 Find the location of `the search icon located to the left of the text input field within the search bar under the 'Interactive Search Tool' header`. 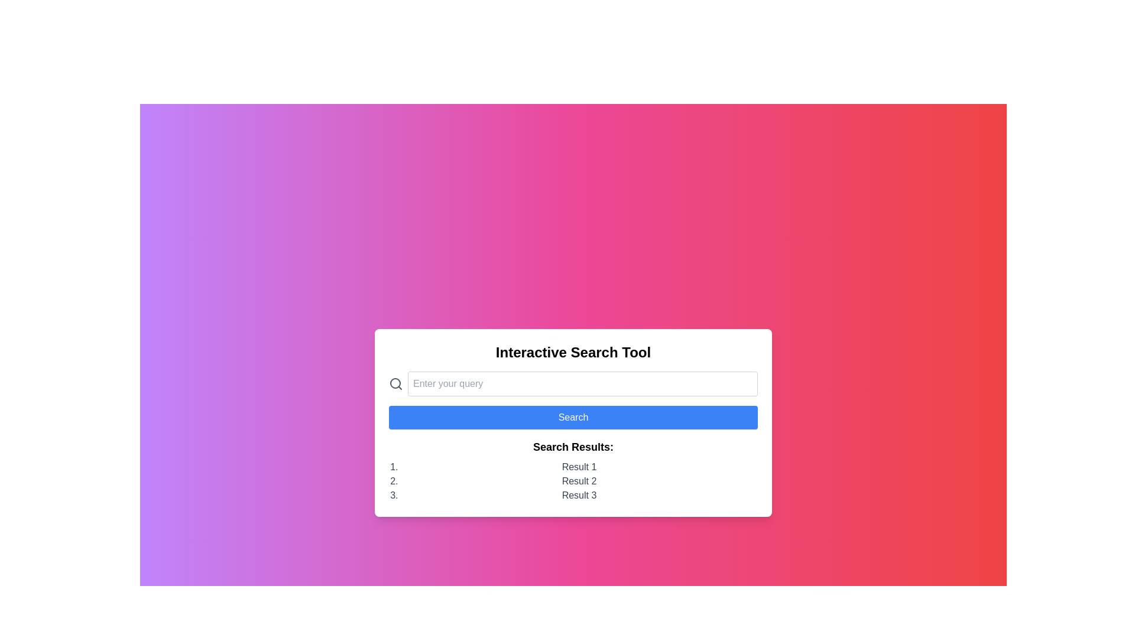

the search icon located to the left of the text input field within the search bar under the 'Interactive Search Tool' header is located at coordinates (396, 384).